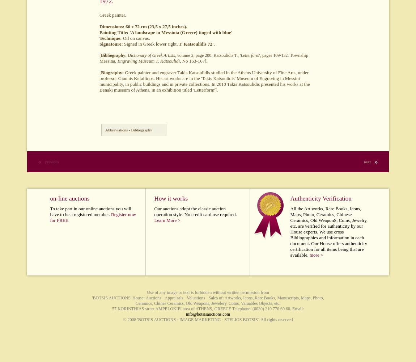 This screenshot has width=416, height=362. I want to click on '.', so click(213, 43).